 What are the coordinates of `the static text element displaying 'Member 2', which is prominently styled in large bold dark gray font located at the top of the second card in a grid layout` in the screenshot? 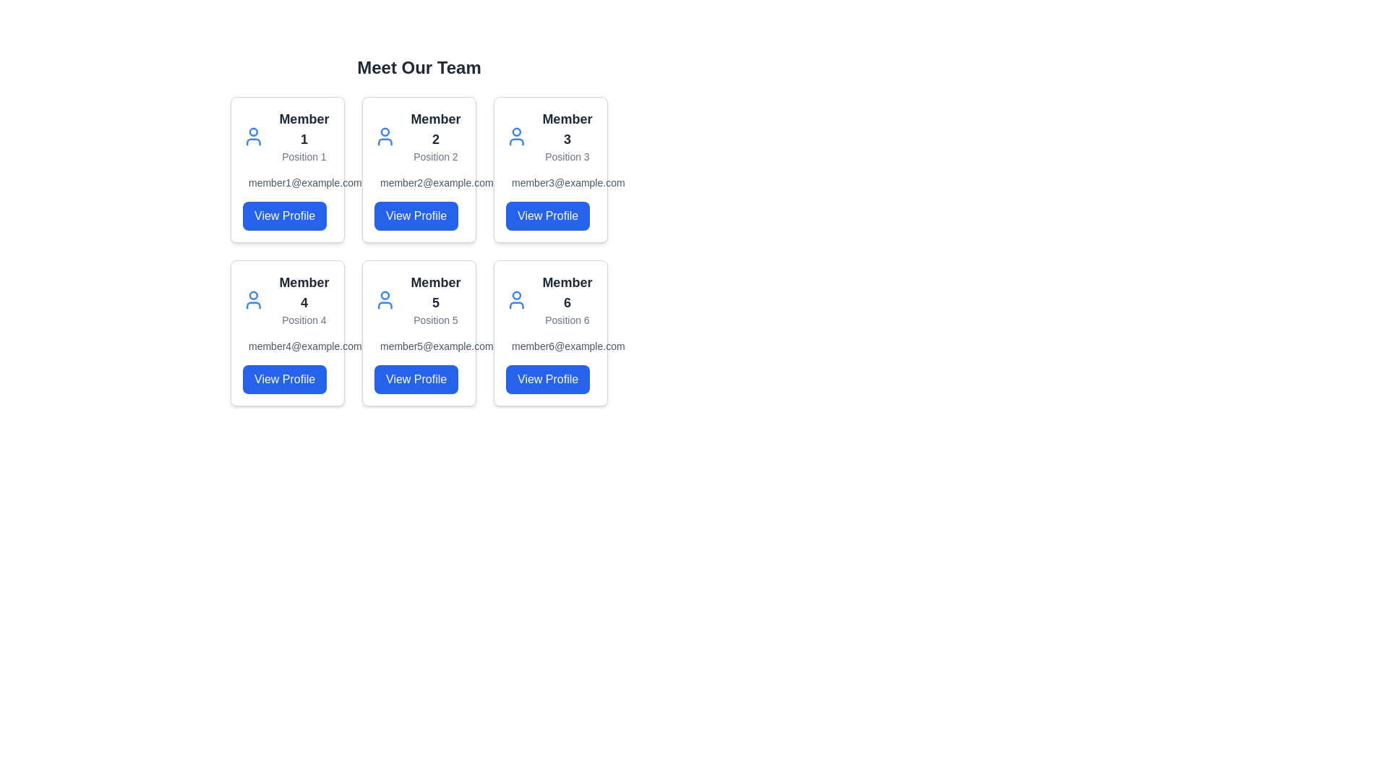 It's located at (434, 128).